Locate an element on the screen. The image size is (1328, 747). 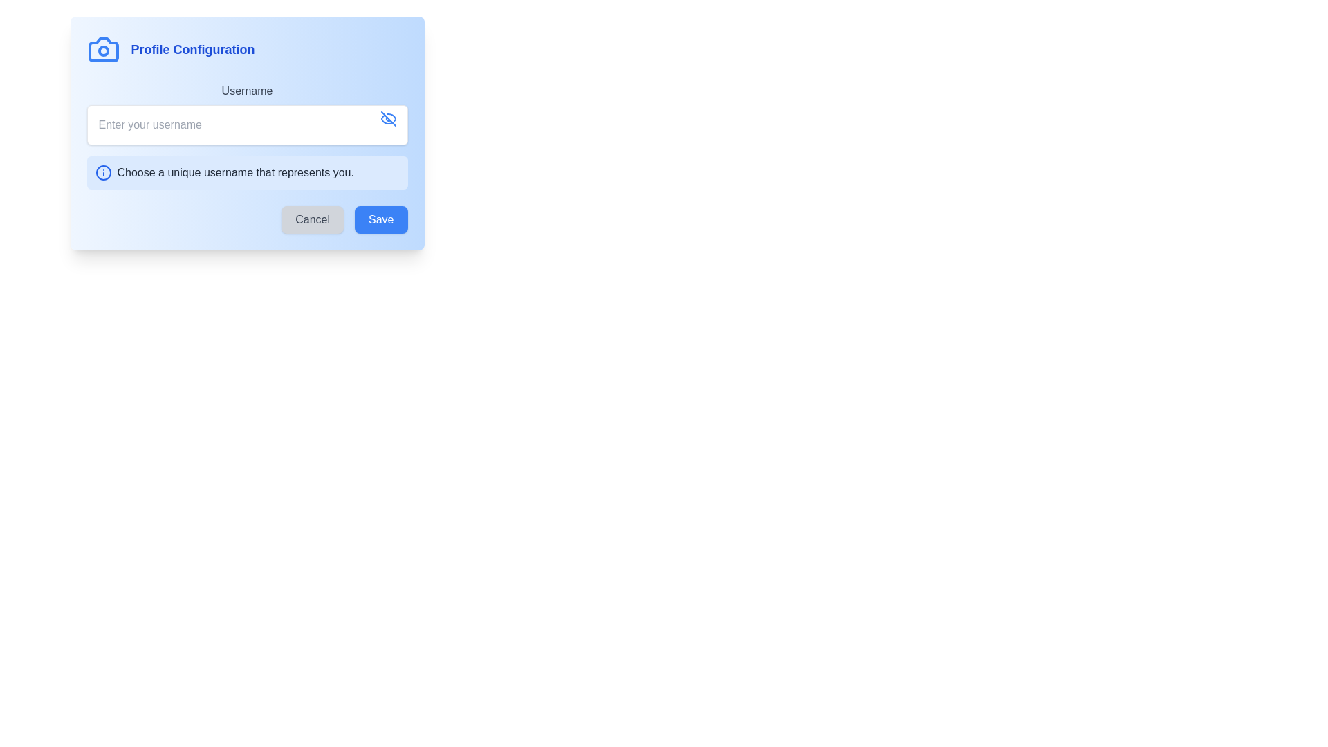
the 'Cancel' button, which is a rectangular button with a dark gray label and rounded corners, located near the bottom-right corner of a modal is located at coordinates (312, 219).